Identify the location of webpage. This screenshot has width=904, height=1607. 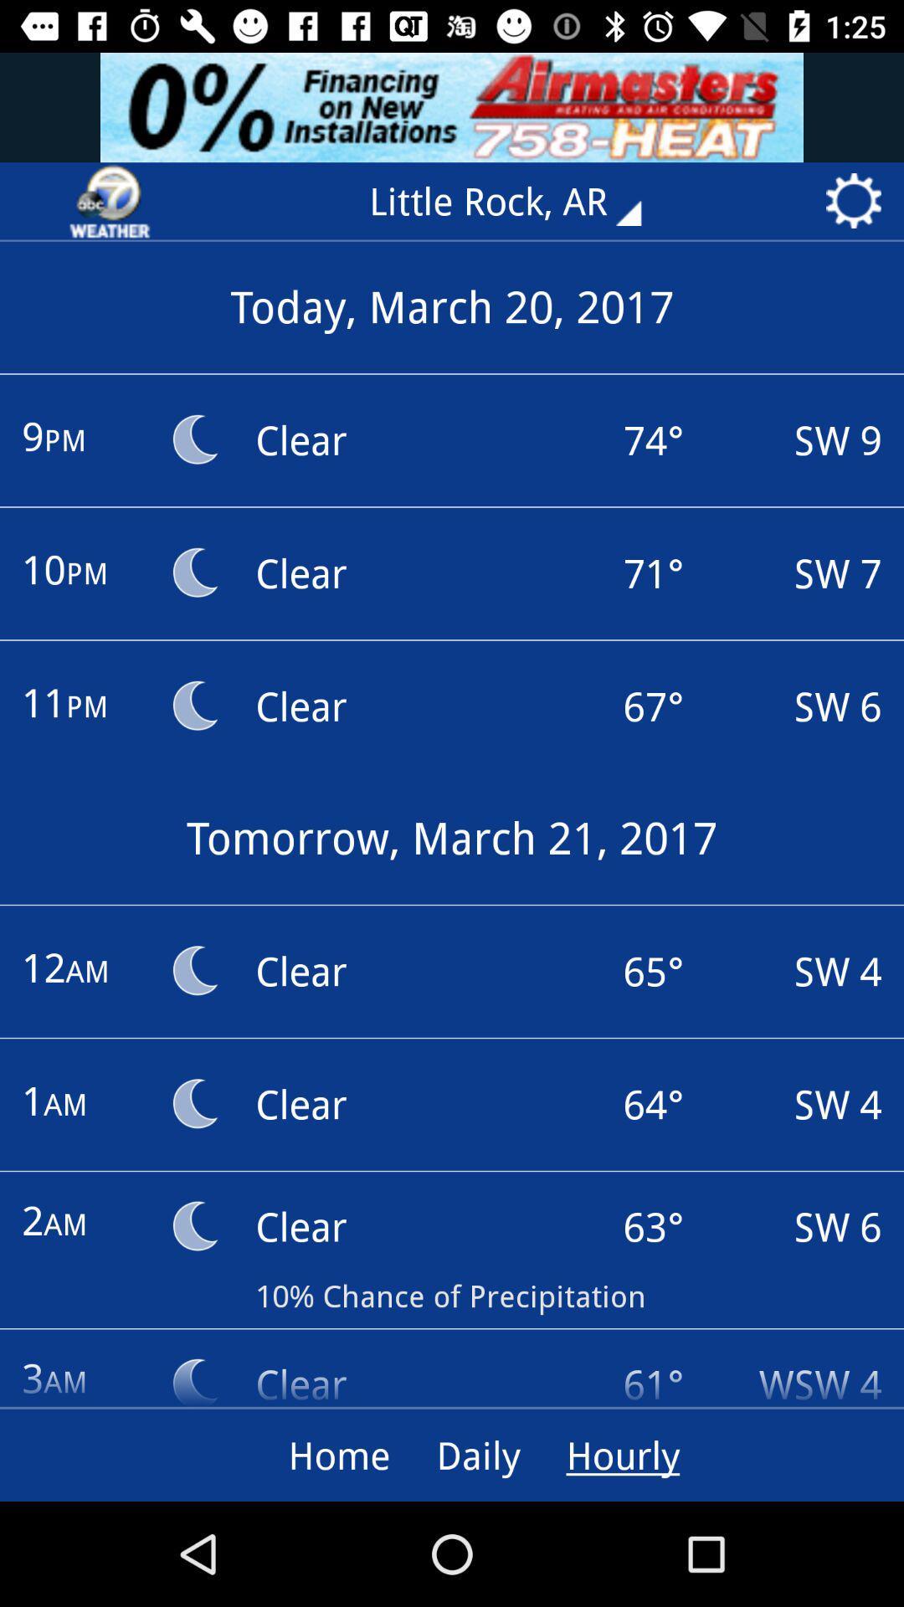
(110, 201).